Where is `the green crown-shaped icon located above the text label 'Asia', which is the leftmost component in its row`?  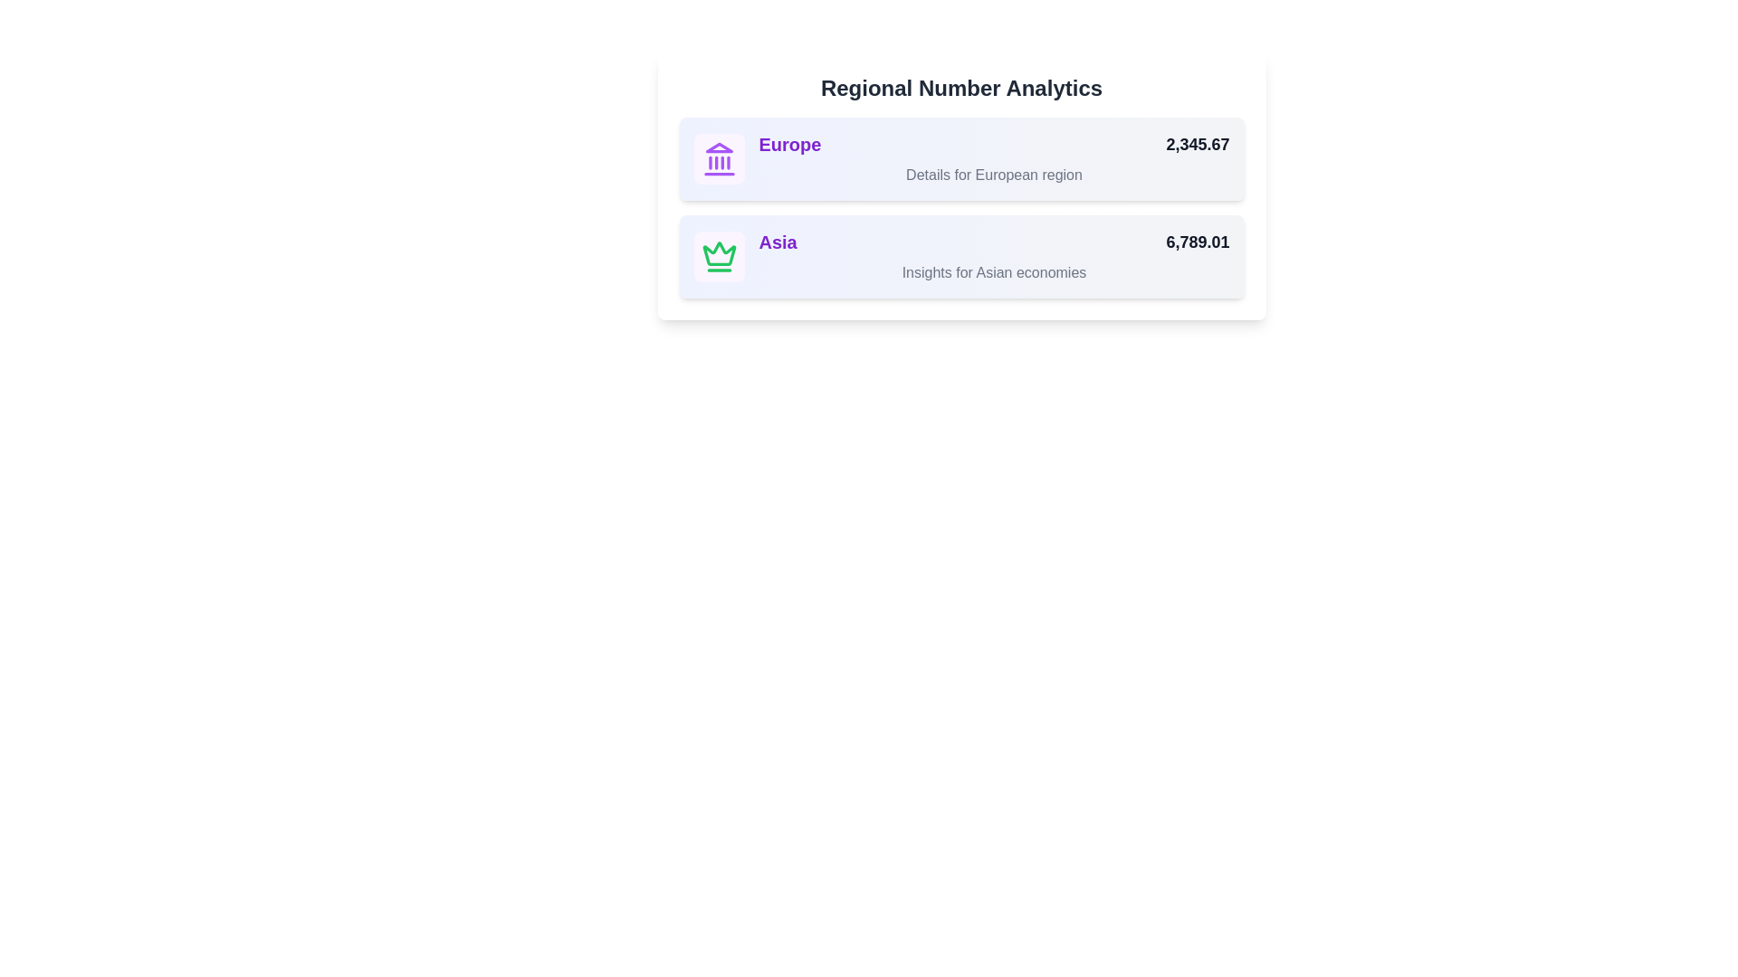 the green crown-shaped icon located above the text label 'Asia', which is the leftmost component in its row is located at coordinates (718, 253).